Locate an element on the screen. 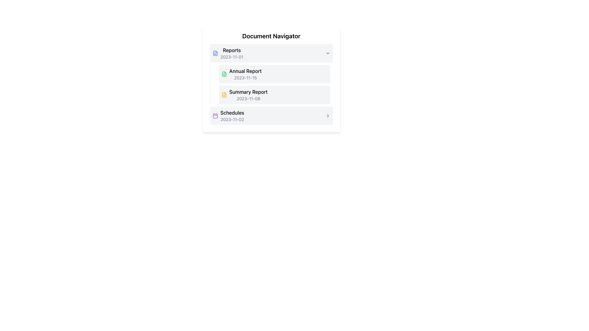 This screenshot has width=589, height=331. the text label displaying the date '2023-11-01', which is positioned directly beneath the 'Reports' label in the Document Navigator is located at coordinates (231, 57).